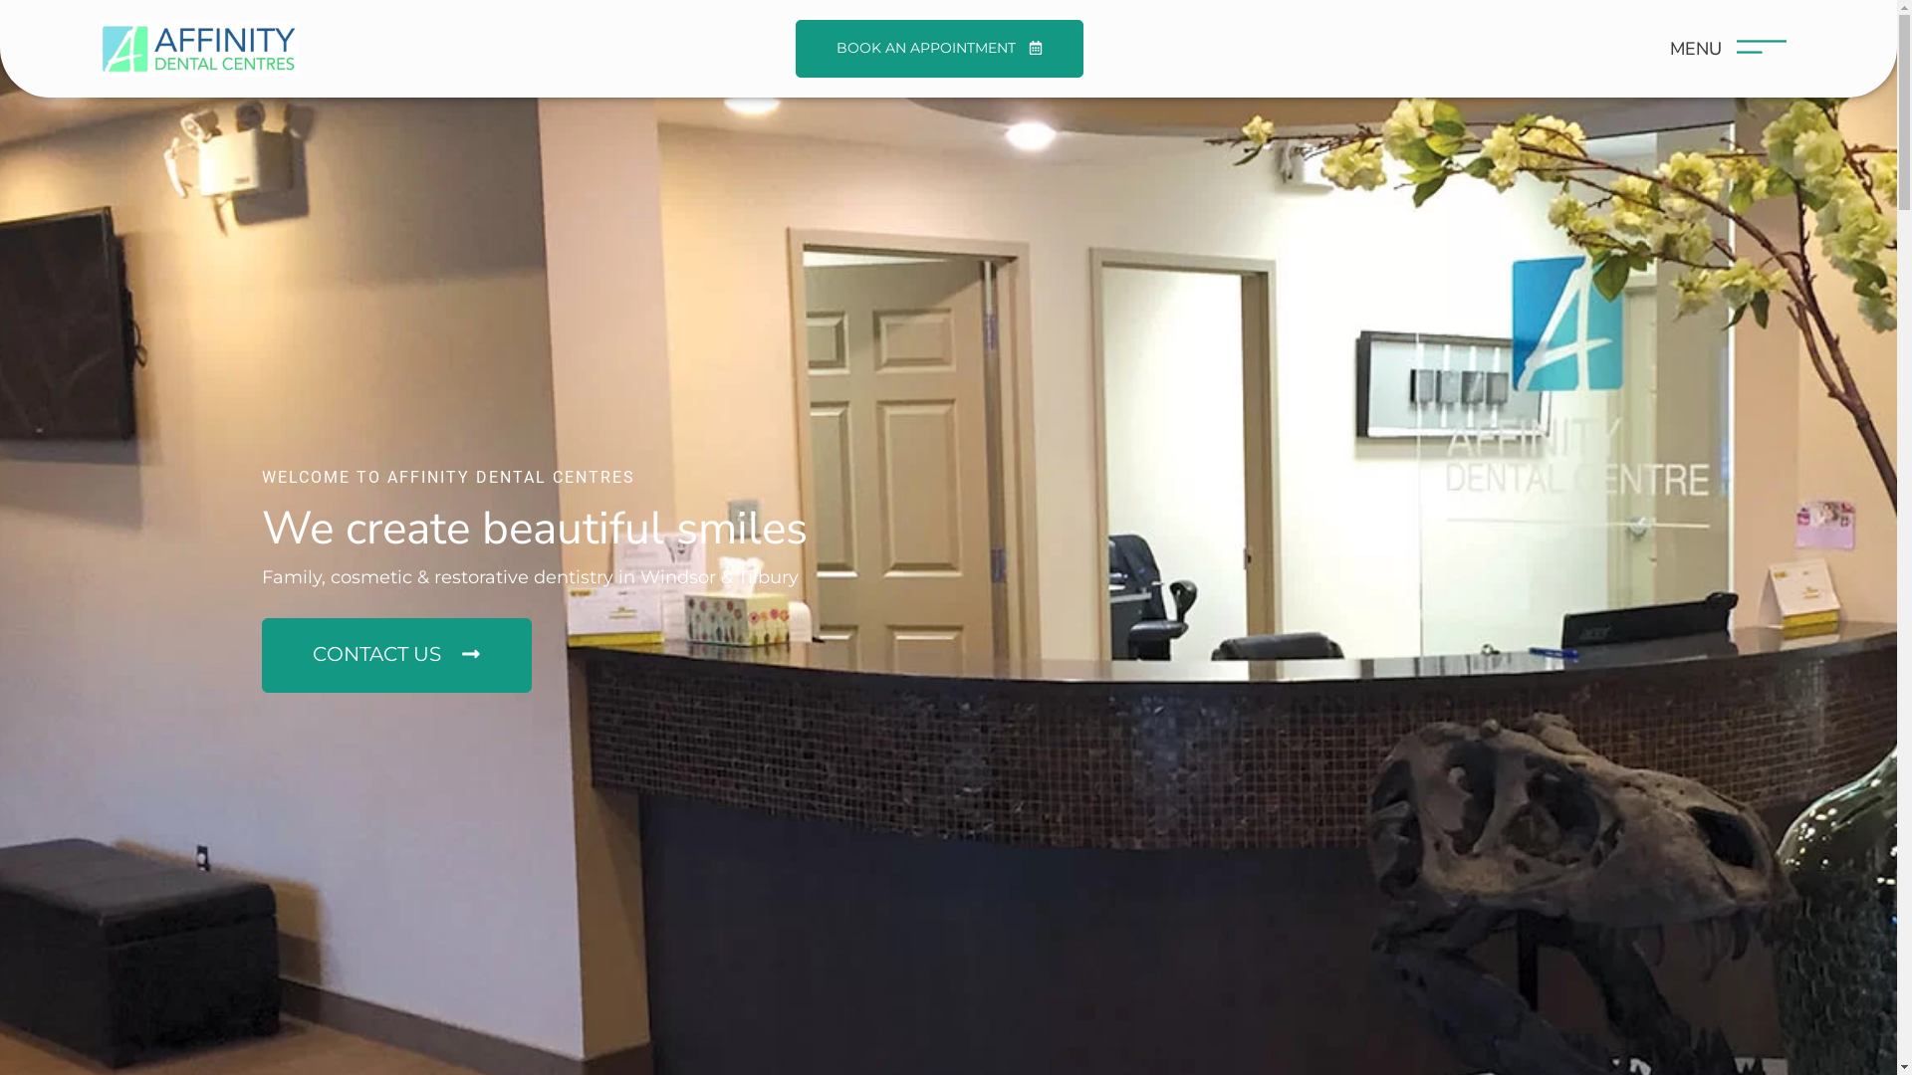 This screenshot has height=1075, width=1912. I want to click on 'BOOK AN APPOINTMENT', so click(938, 48).